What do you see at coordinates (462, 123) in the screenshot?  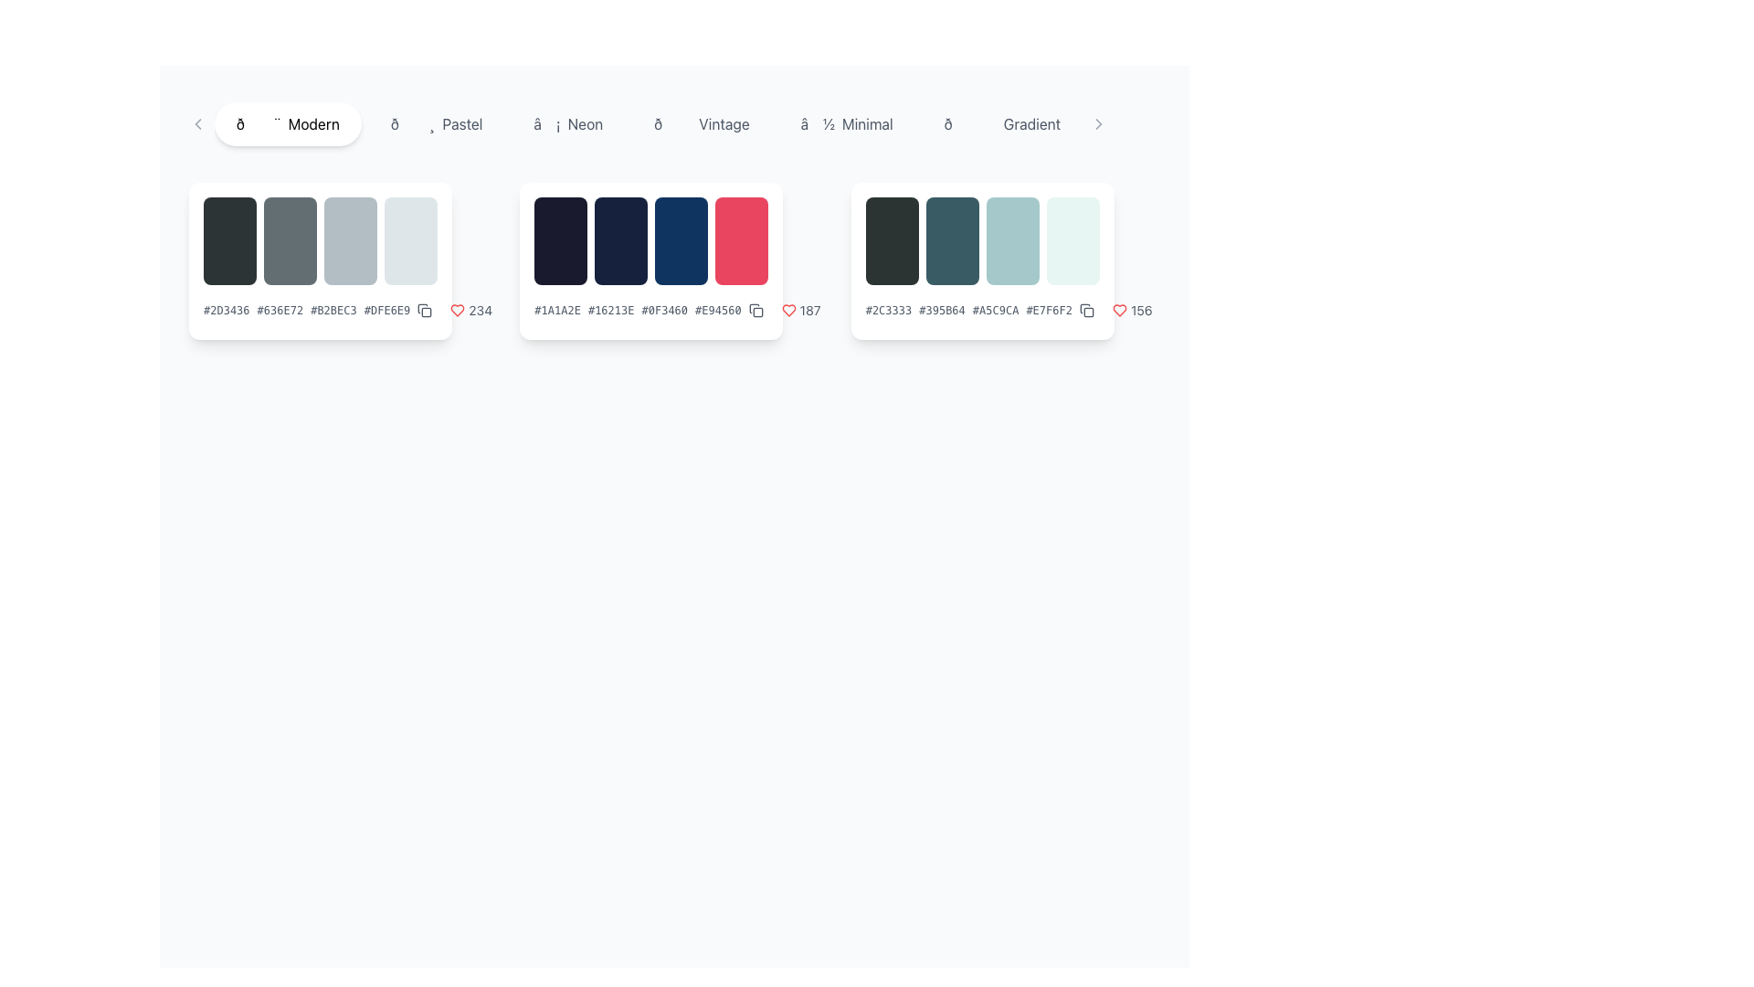 I see `the 'Pastel' text label in the horizontal navigation menu, which is styled in dark gray and located towards the middle-right of the menu` at bounding box center [462, 123].